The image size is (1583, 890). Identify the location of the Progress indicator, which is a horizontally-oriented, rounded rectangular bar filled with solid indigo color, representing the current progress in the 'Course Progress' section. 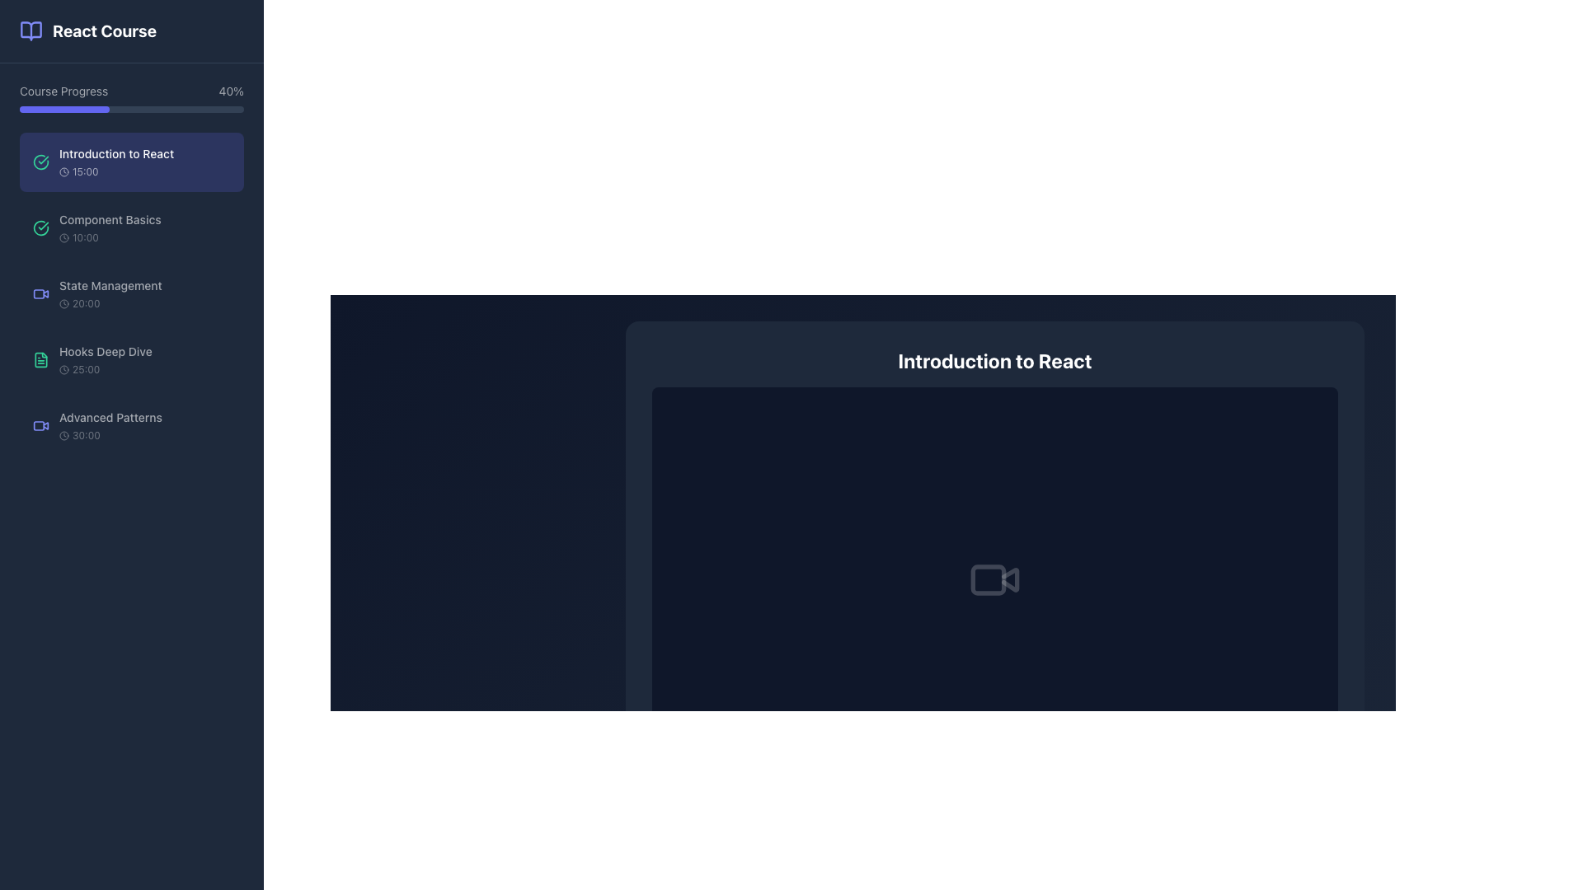
(64, 109).